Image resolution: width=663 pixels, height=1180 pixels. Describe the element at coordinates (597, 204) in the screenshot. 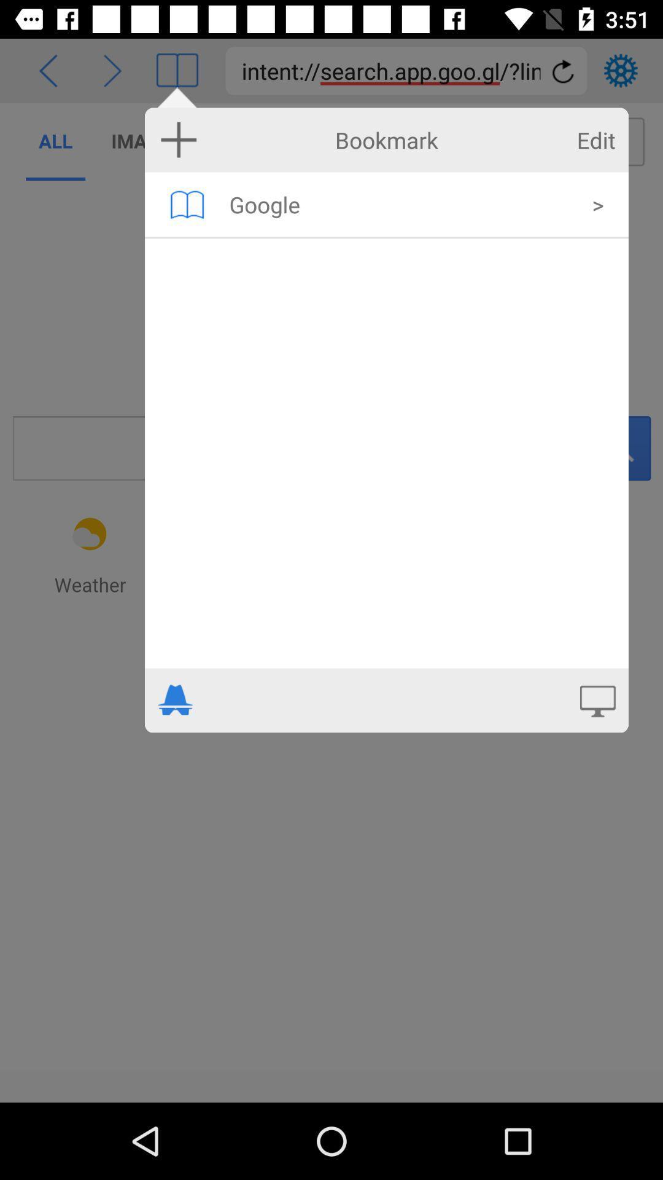

I see `icon next to the google item` at that location.